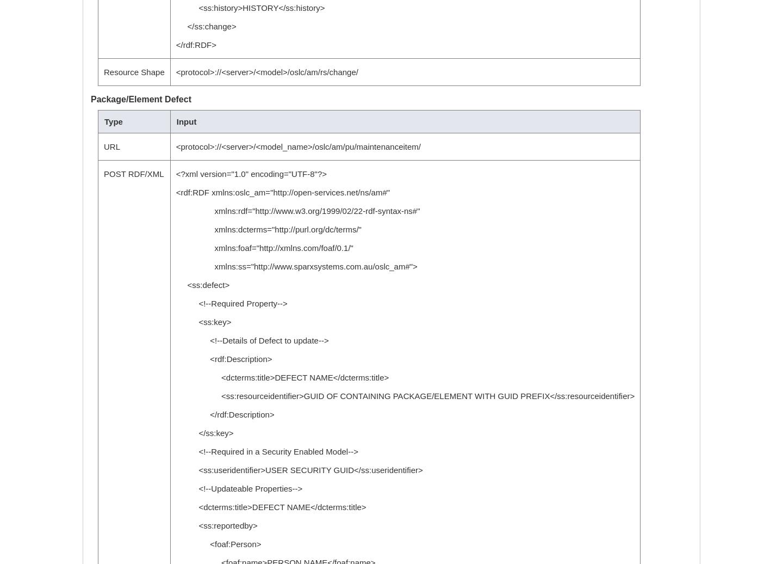 Image resolution: width=783 pixels, height=564 pixels. I want to click on '<!--Details of Defect to update-->', so click(252, 340).